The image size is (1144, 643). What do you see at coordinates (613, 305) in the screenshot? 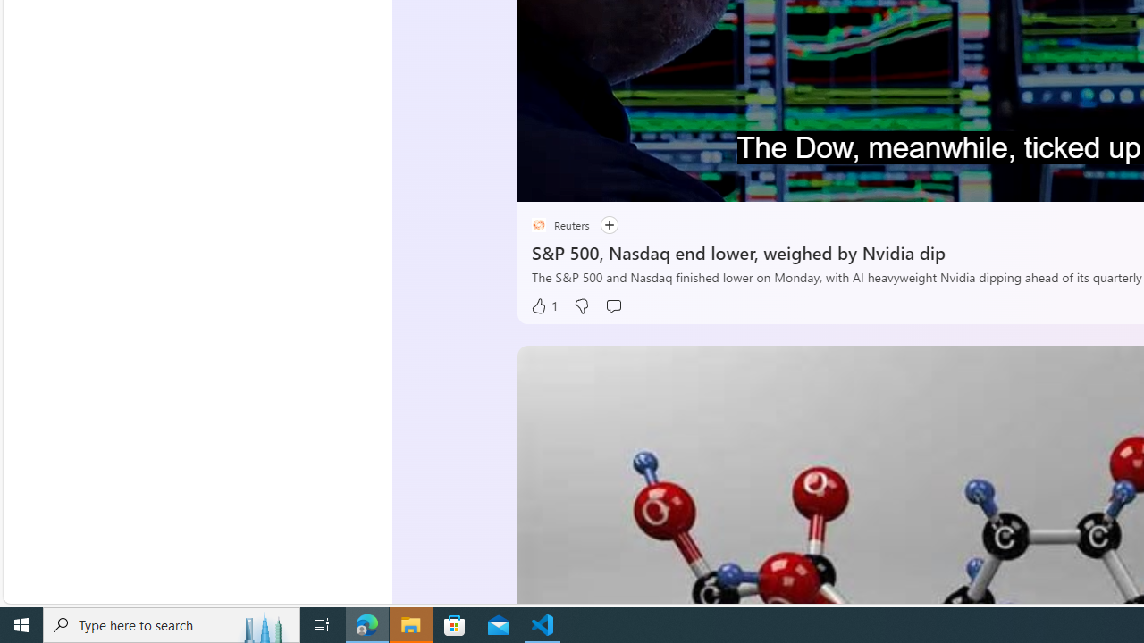
I see `'Start the conversation'` at bounding box center [613, 305].